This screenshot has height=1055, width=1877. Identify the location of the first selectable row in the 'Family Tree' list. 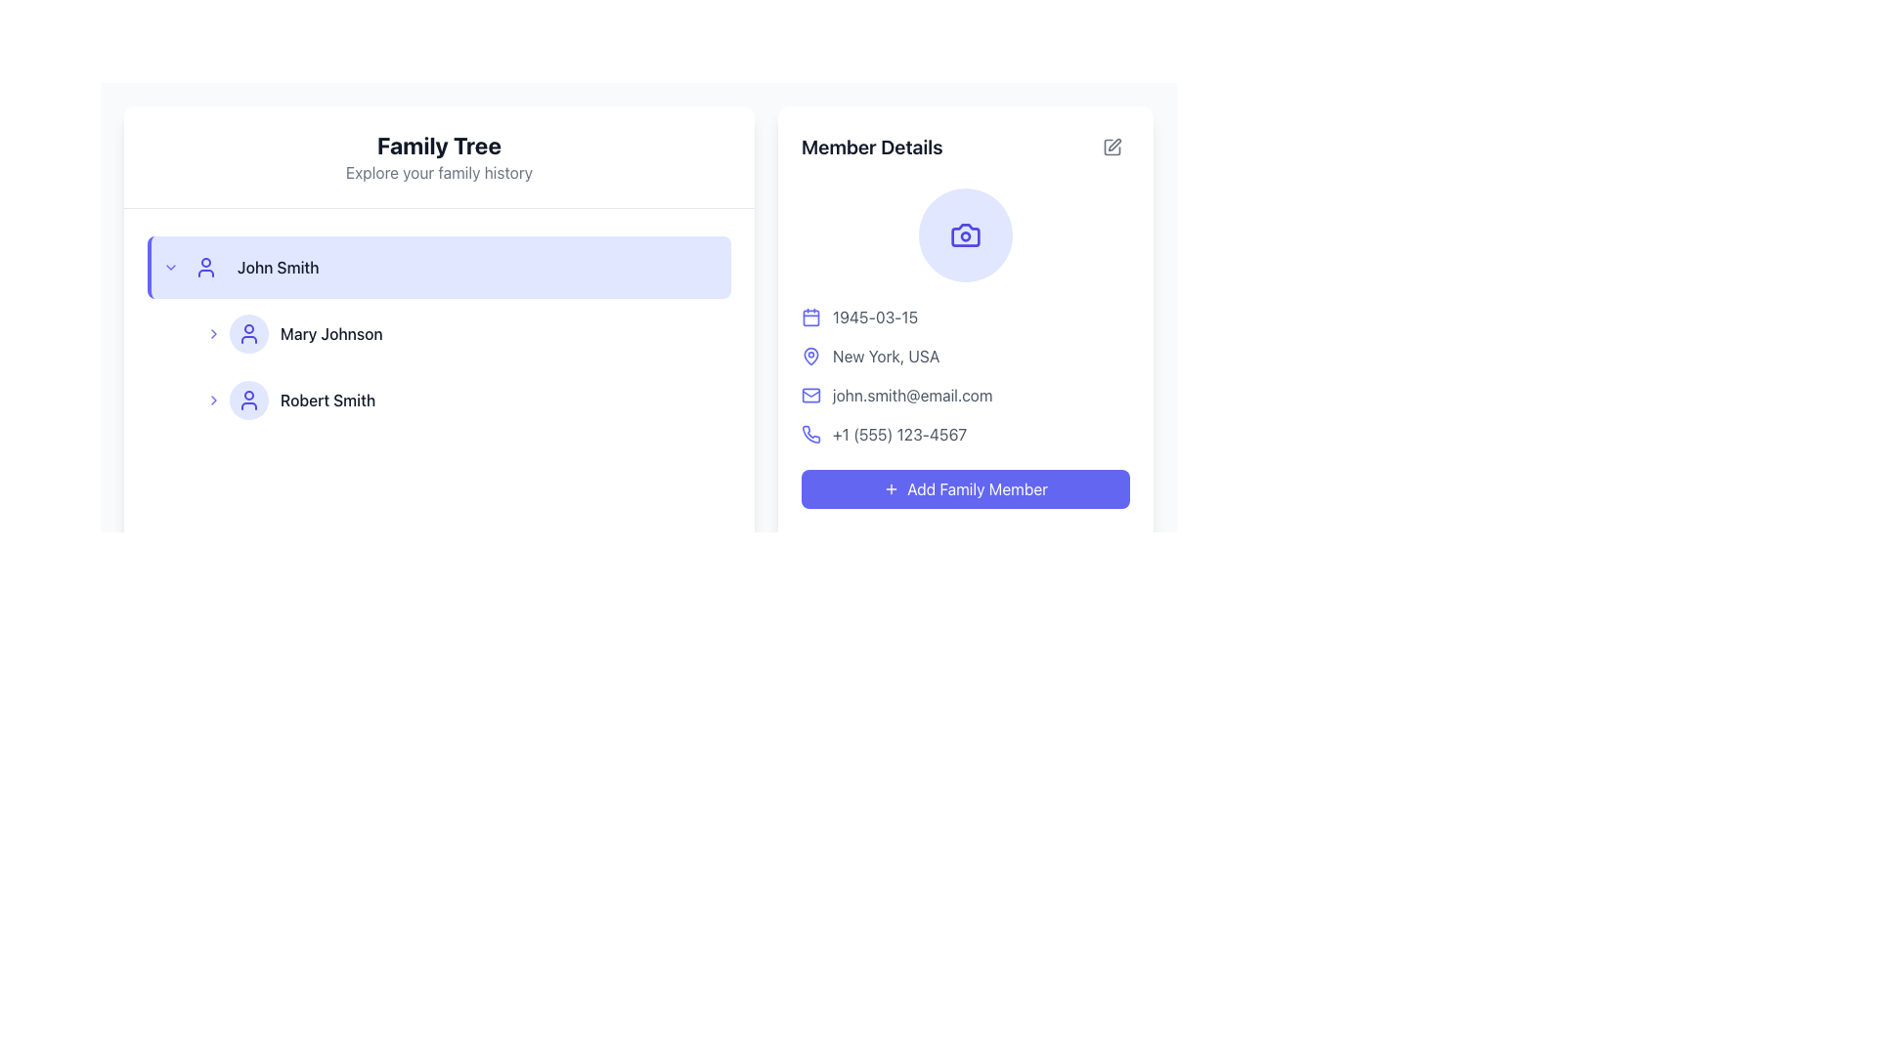
(438, 267).